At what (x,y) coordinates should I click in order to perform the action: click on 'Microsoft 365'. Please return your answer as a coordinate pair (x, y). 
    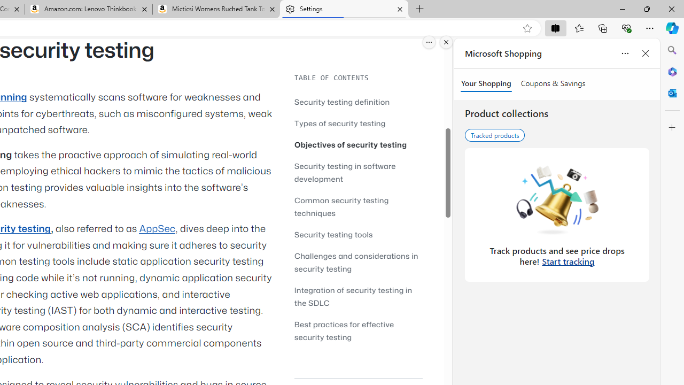
    Looking at the image, I should click on (672, 71).